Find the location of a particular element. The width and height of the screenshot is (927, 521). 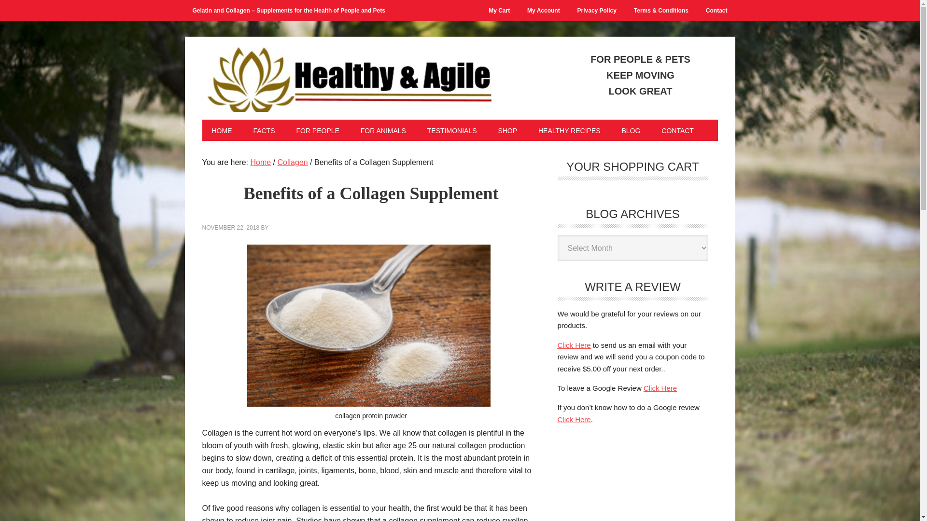

'FACTS' is located at coordinates (264, 130).